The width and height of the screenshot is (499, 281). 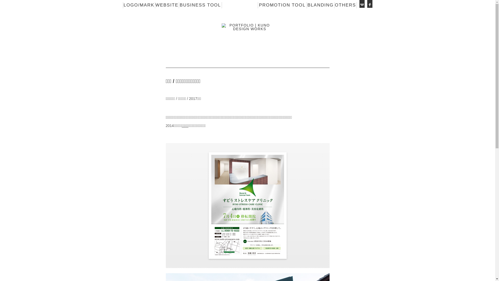 What do you see at coordinates (282, 5) in the screenshot?
I see `'PROMOTION TOOL'` at bounding box center [282, 5].